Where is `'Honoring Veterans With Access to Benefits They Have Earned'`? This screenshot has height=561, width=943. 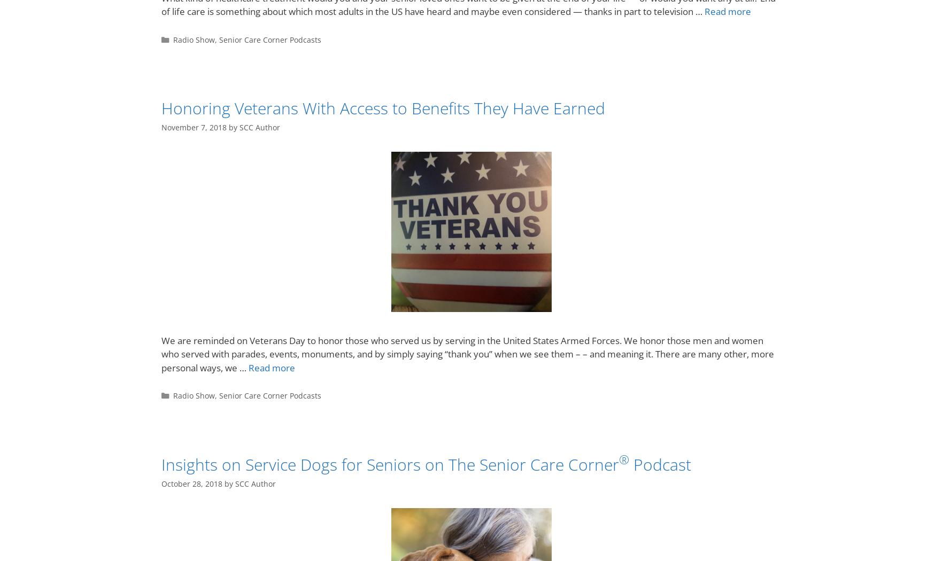 'Honoring Veterans With Access to Benefits They Have Earned' is located at coordinates (161, 107).